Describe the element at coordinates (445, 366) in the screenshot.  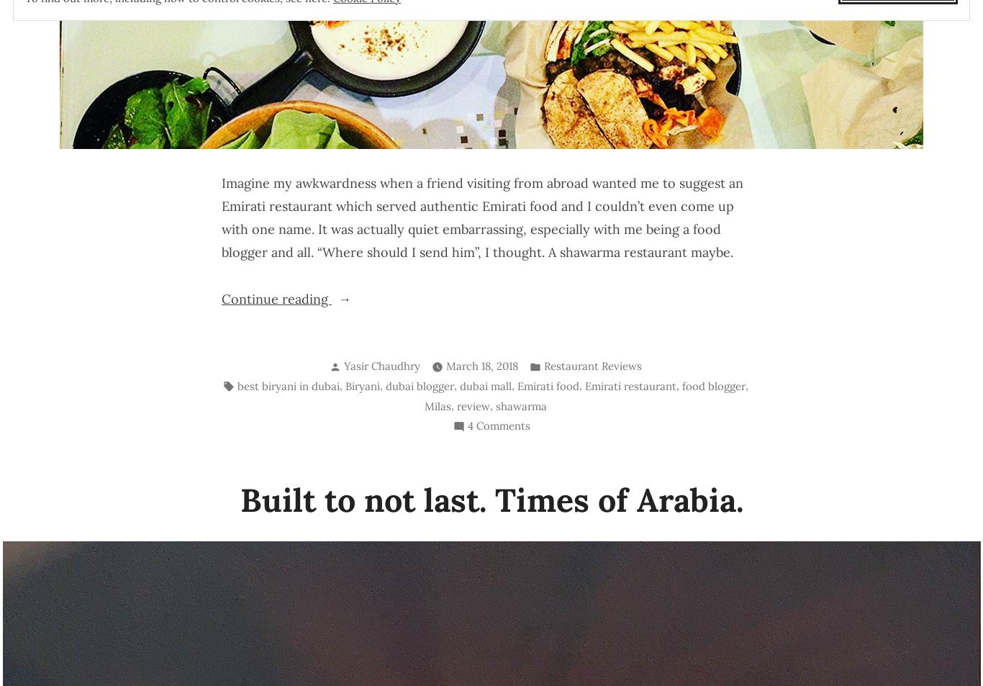
I see `'March 18, 2018'` at that location.